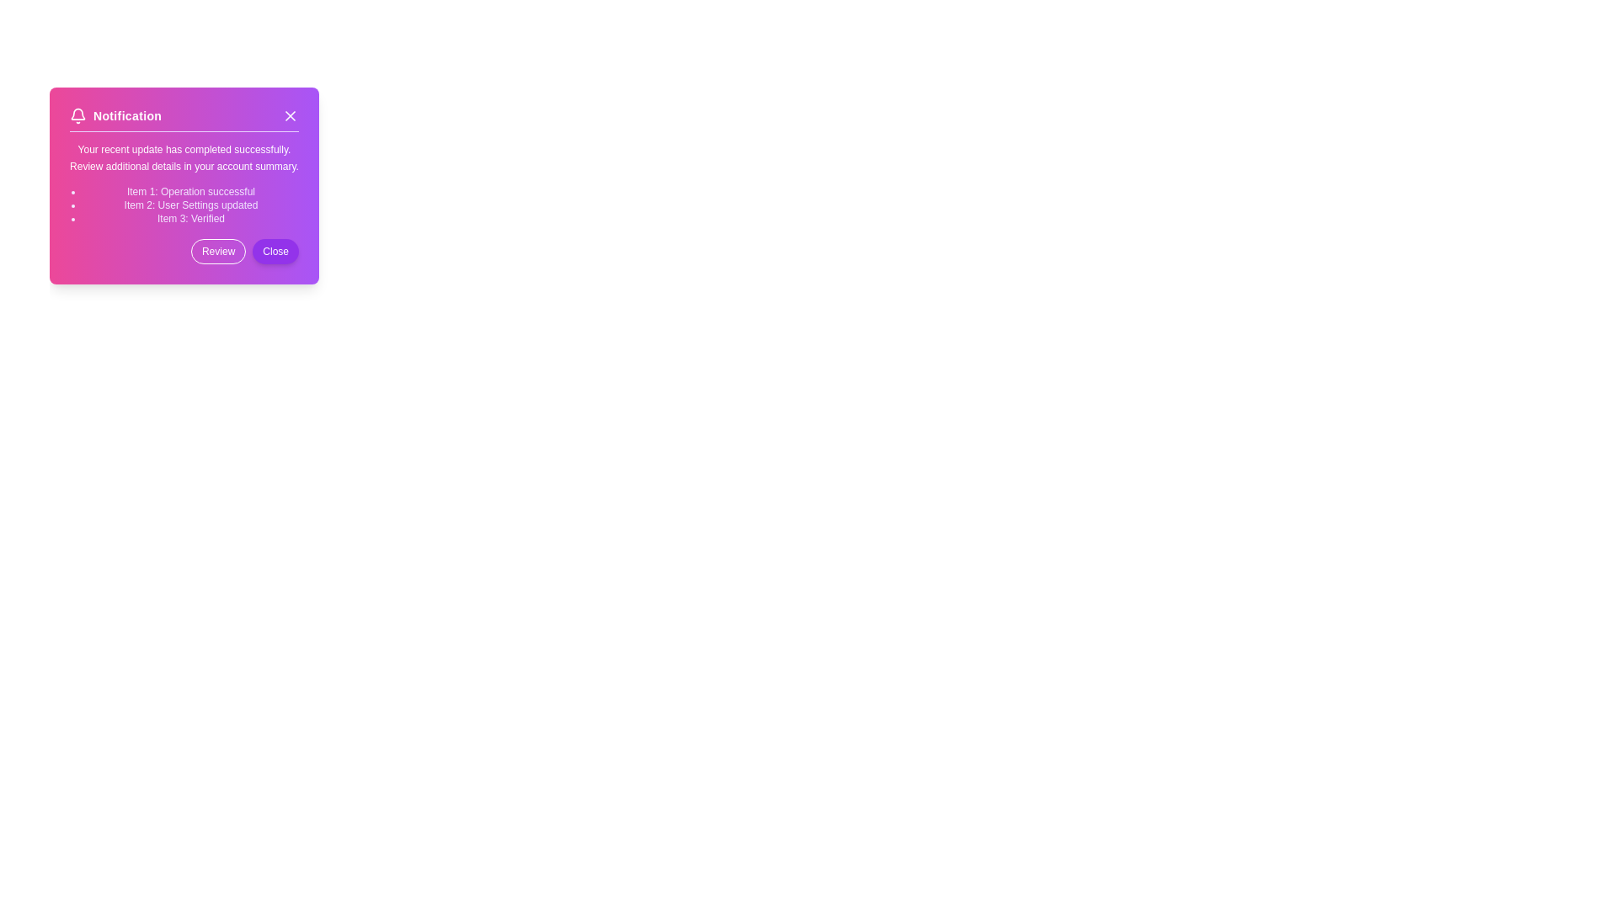 Image resolution: width=1617 pixels, height=909 pixels. I want to click on the small 'X' icon button located at the top-right corner of the purple notification panel, so click(291, 115).